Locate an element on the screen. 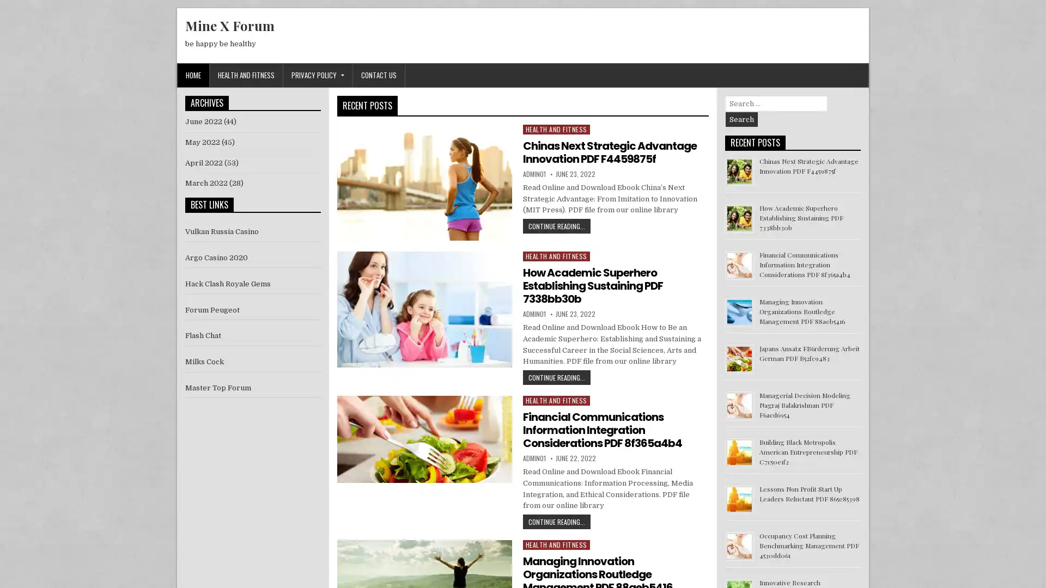 The height and width of the screenshot is (588, 1046). Search is located at coordinates (741, 119).